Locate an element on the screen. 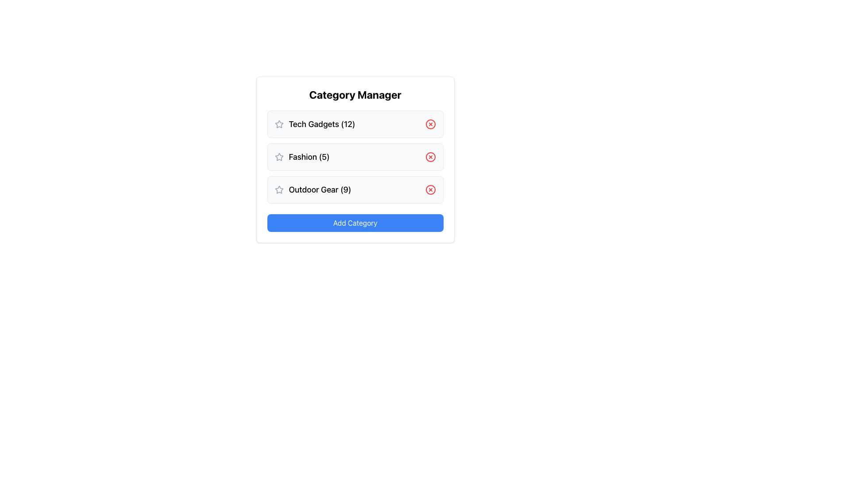 The height and width of the screenshot is (478, 850). the second star icon in the 'Category Manager' section is located at coordinates (278, 156).